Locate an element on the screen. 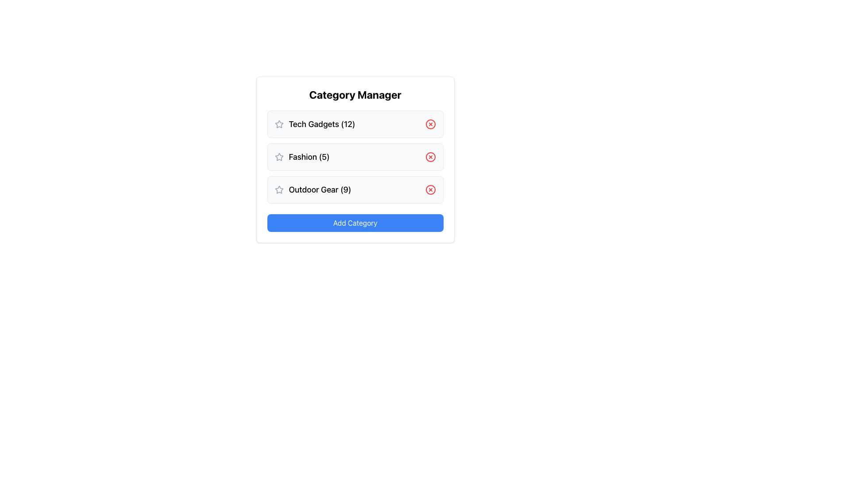 The height and width of the screenshot is (478, 850). the second star icon in the 'Category Manager' section is located at coordinates (278, 156).